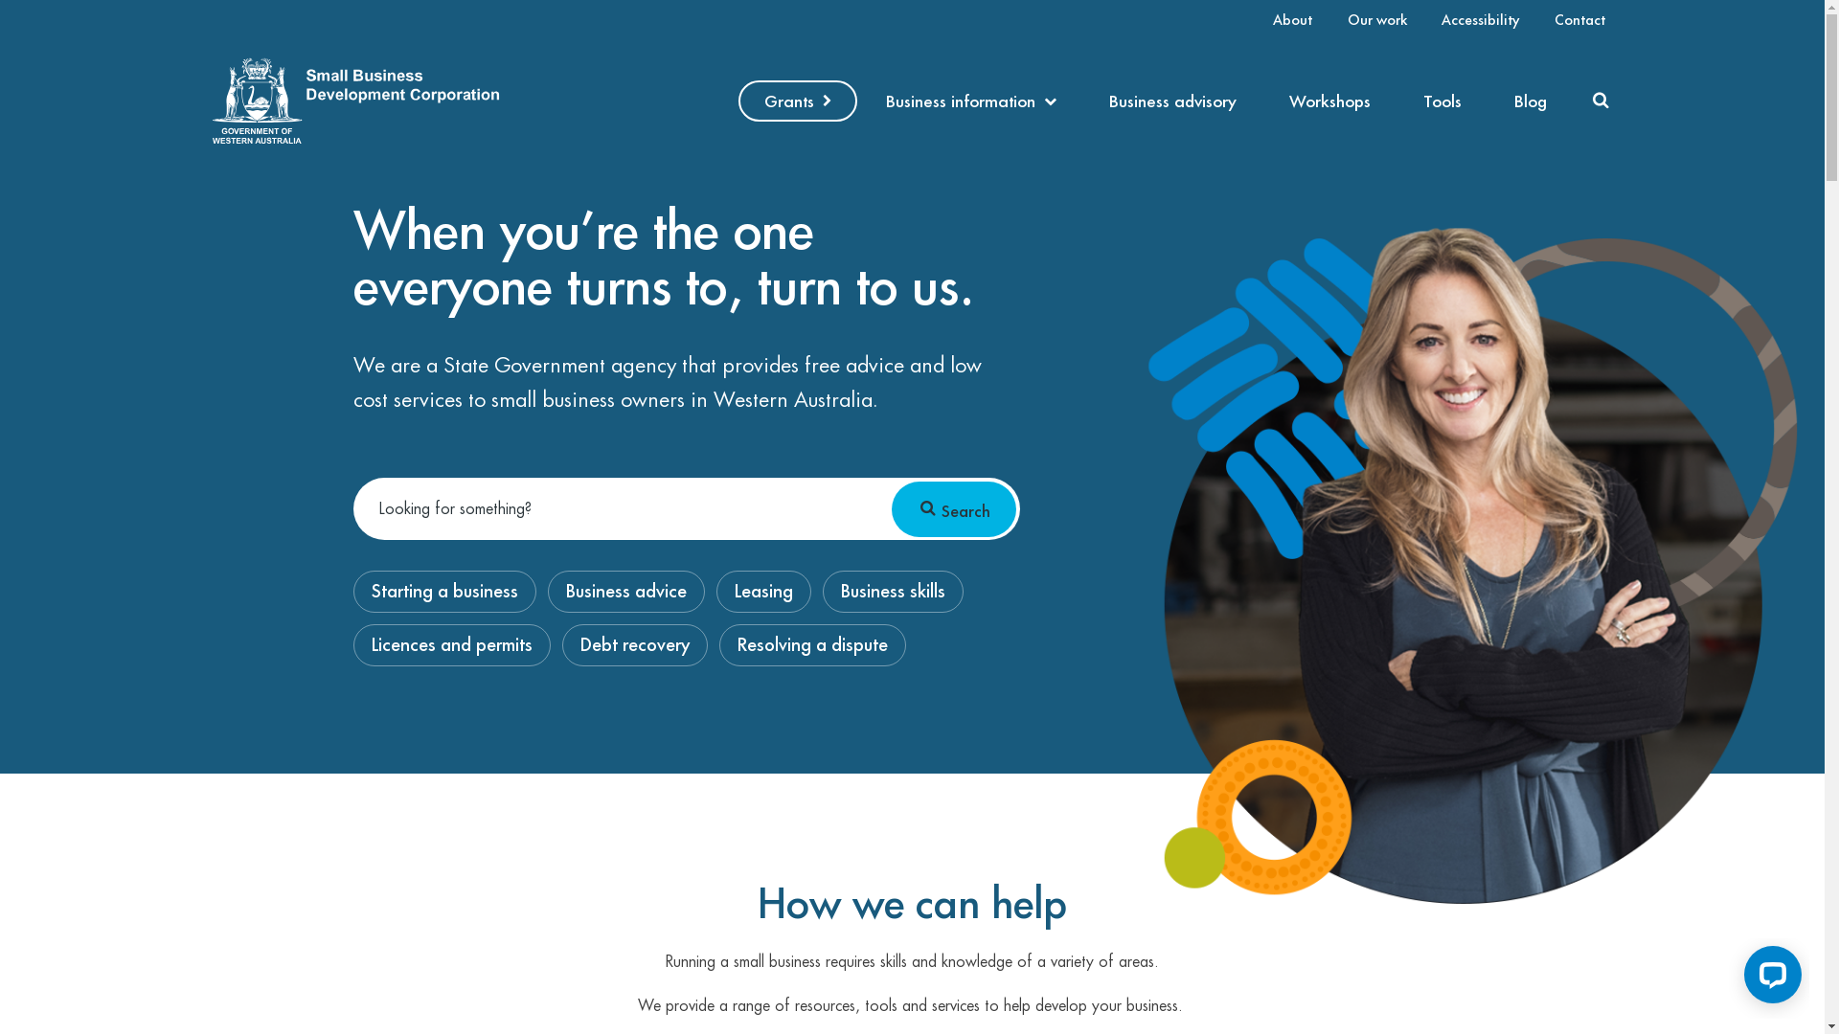 The height and width of the screenshot is (1034, 1839). I want to click on 'Leasing', so click(715, 590).